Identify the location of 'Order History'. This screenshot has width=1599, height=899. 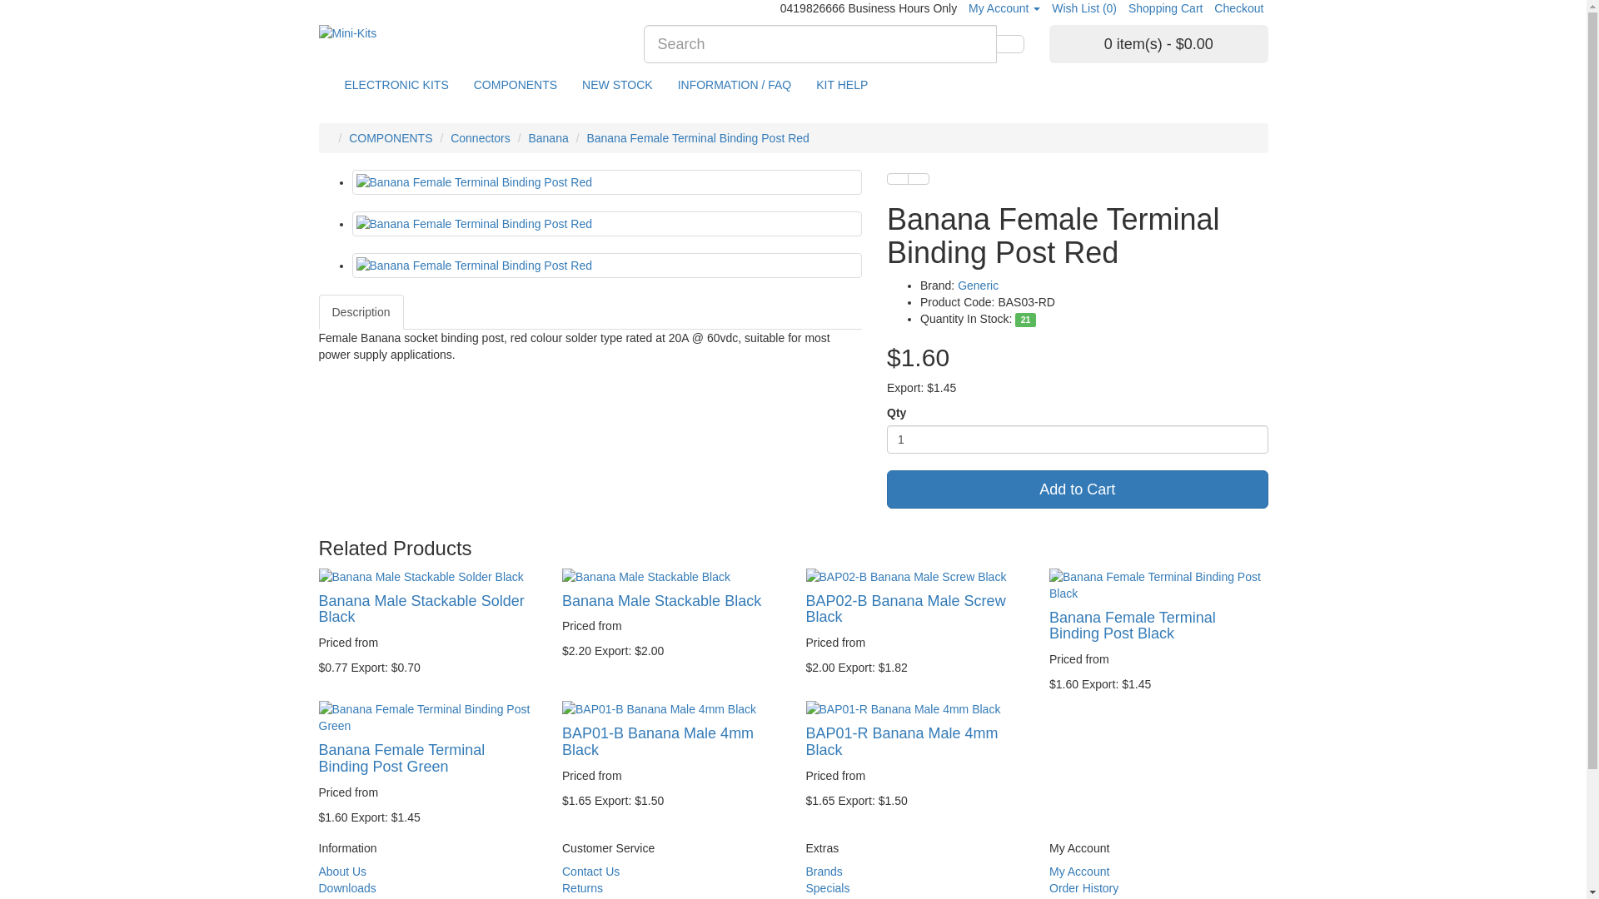
(1083, 887).